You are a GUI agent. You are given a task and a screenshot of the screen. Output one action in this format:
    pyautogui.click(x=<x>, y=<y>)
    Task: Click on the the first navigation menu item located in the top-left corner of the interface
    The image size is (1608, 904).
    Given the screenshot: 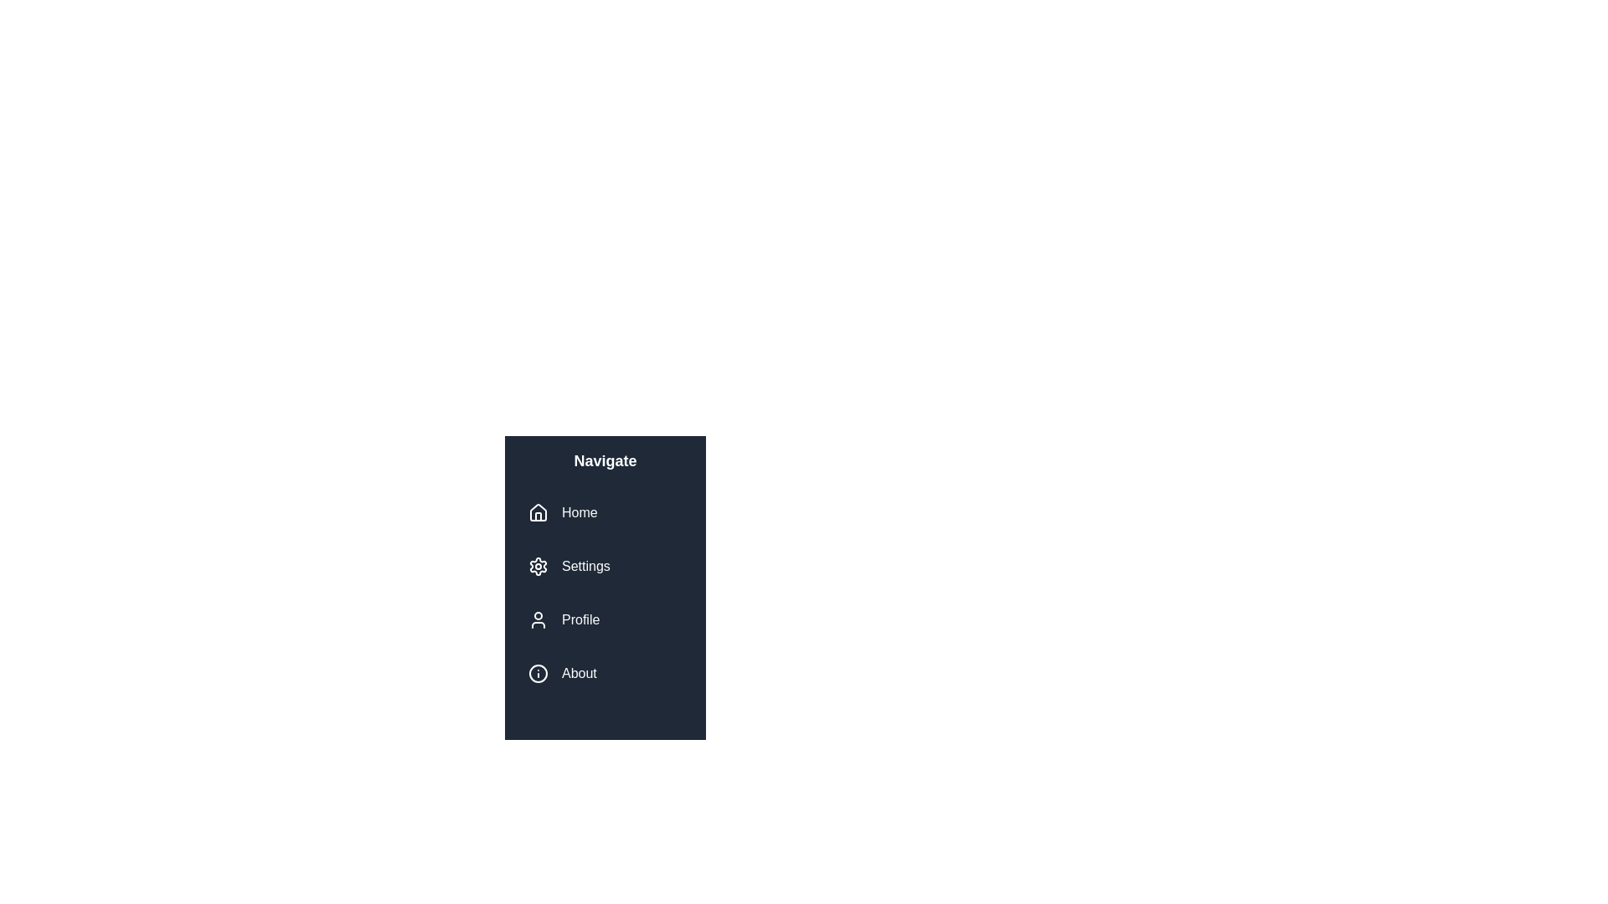 What is the action you would take?
    pyautogui.click(x=605, y=512)
    